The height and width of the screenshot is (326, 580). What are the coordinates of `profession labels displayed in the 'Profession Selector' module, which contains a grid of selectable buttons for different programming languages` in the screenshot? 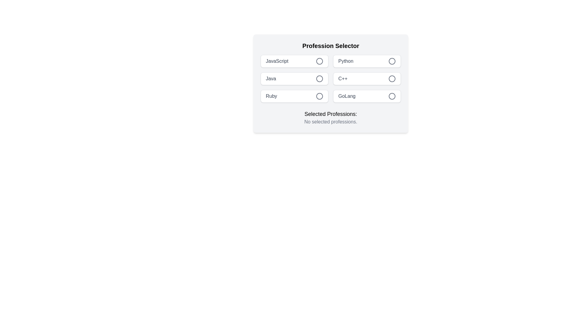 It's located at (330, 84).